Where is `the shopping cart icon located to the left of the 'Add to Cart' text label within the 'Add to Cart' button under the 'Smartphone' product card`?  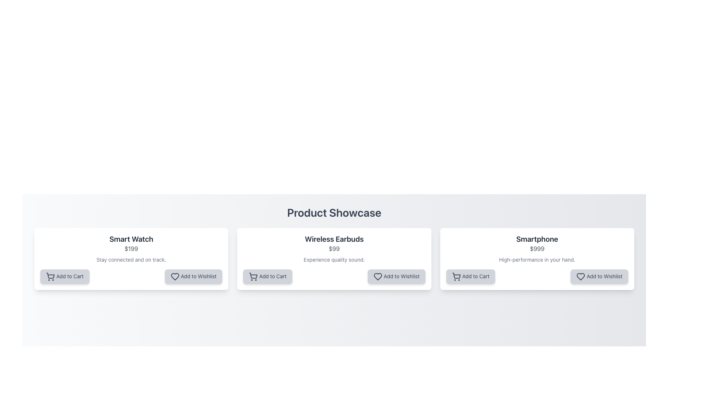
the shopping cart icon located to the left of the 'Add to Cart' text label within the 'Add to Cart' button under the 'Smartphone' product card is located at coordinates (456, 277).